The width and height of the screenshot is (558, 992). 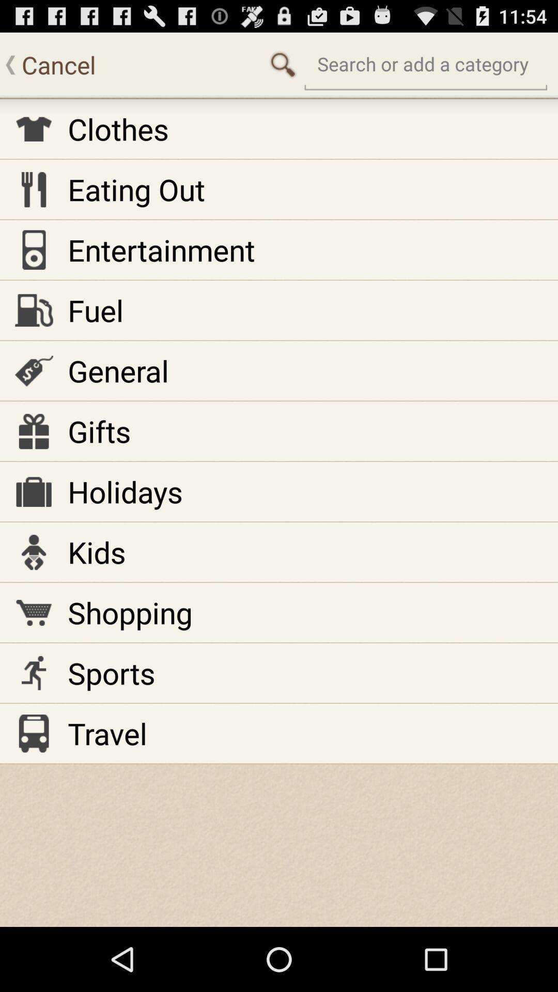 I want to click on item below fuel, so click(x=118, y=370).